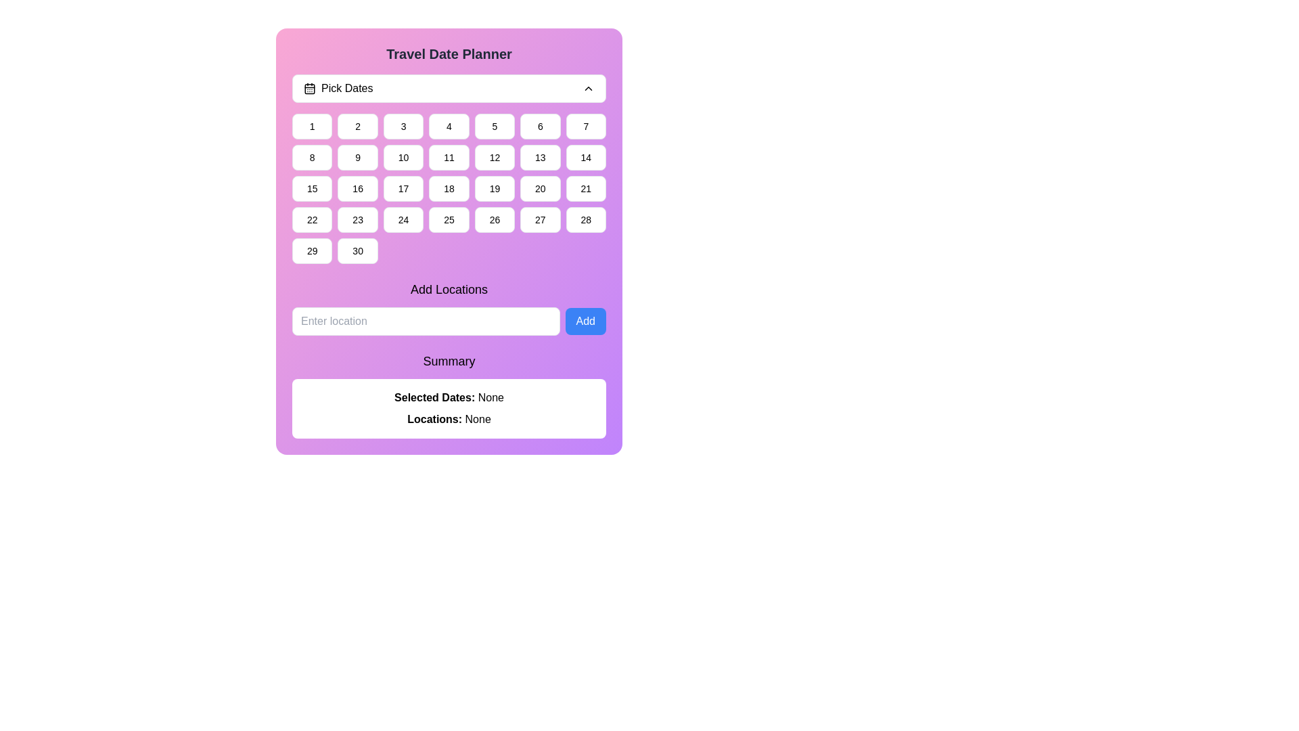 This screenshot has height=731, width=1299. What do you see at coordinates (449, 169) in the screenshot?
I see `the Calendar date cell that displays the number '11'` at bounding box center [449, 169].